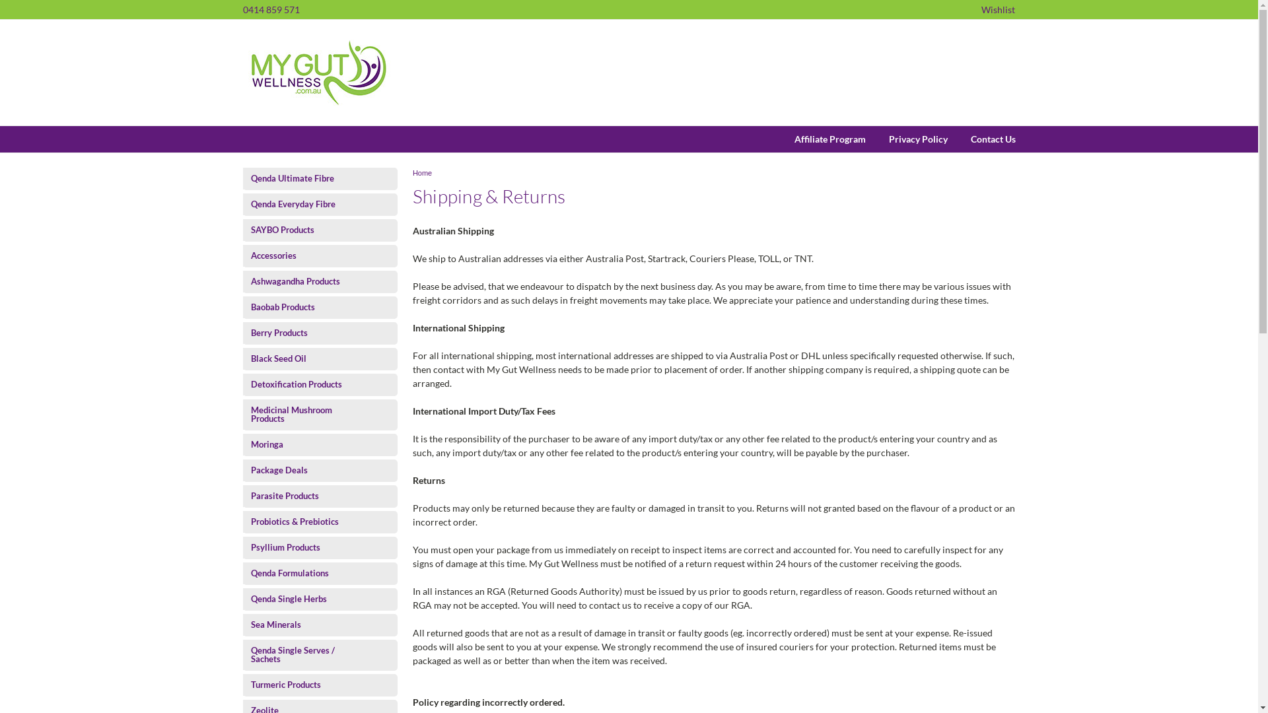  Describe the element at coordinates (308, 384) in the screenshot. I see `'Detoxification Products'` at that location.